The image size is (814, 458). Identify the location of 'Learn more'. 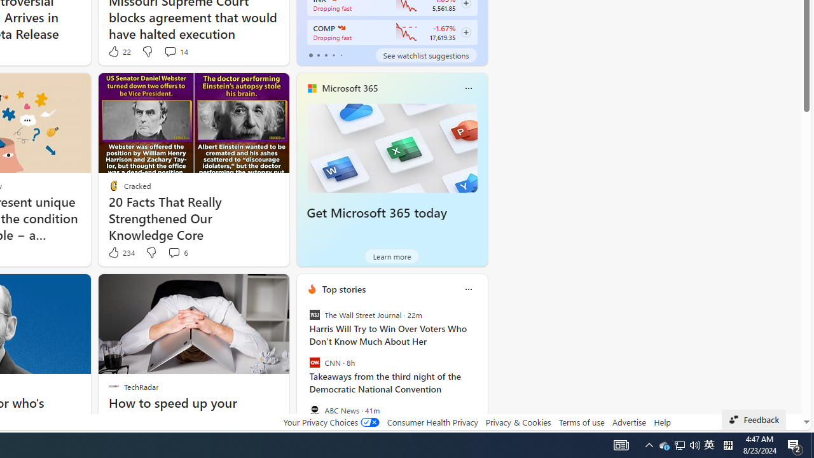
(391, 256).